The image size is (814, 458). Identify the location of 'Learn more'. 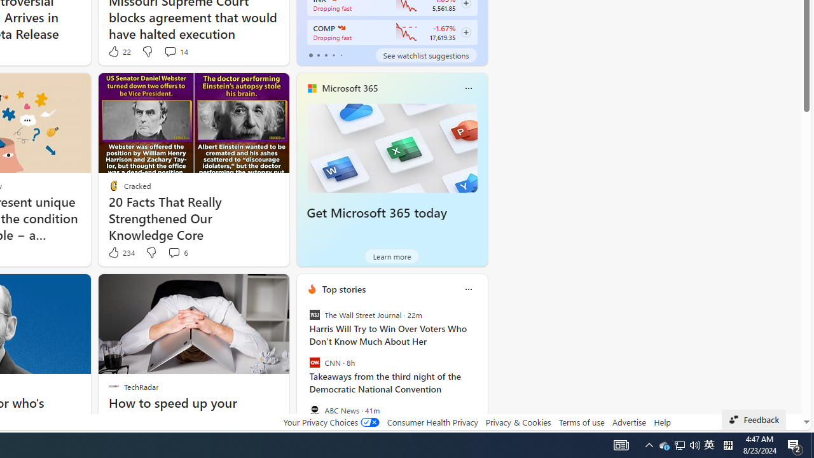
(391, 256).